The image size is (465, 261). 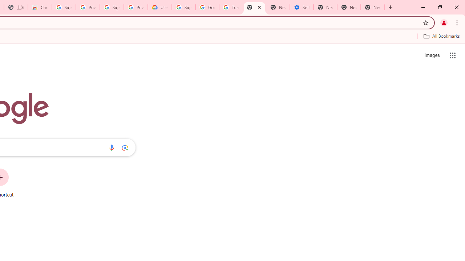 What do you see at coordinates (207, 7) in the screenshot?
I see `'Google Account Help'` at bounding box center [207, 7].